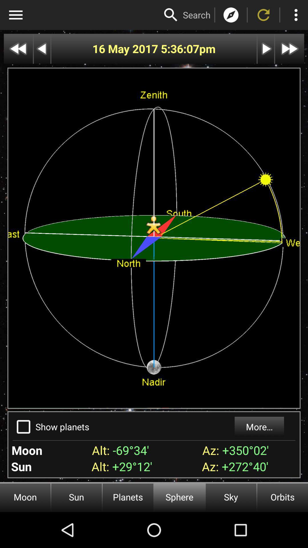 The height and width of the screenshot is (548, 308). I want to click on open menu, so click(15, 15).